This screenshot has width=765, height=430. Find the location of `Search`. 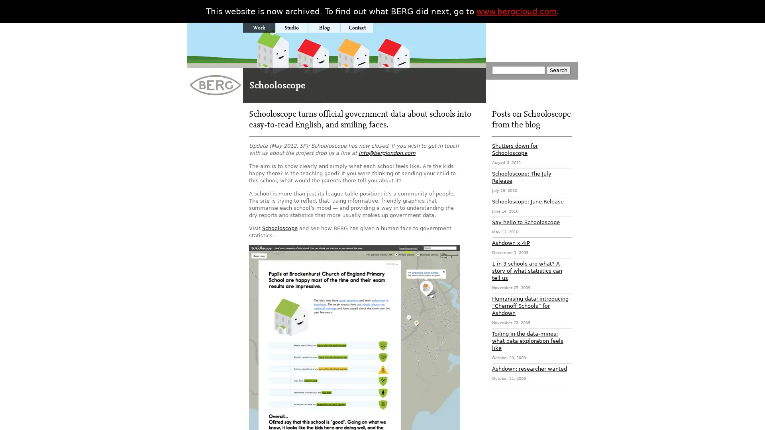

Search is located at coordinates (558, 70).